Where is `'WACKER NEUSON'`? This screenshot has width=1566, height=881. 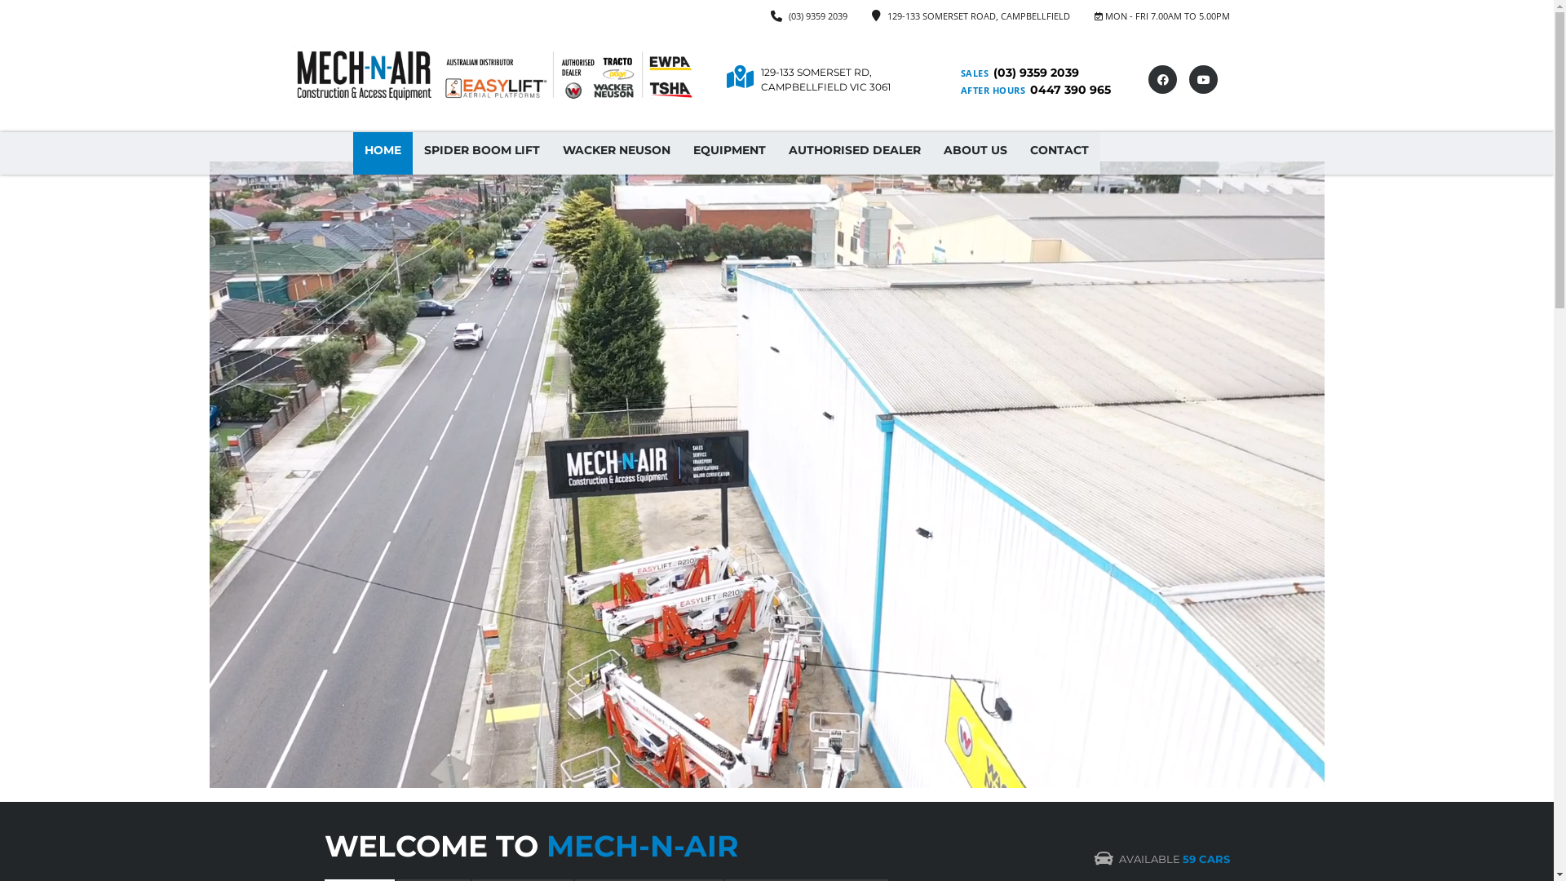 'WACKER NEUSON' is located at coordinates (616, 153).